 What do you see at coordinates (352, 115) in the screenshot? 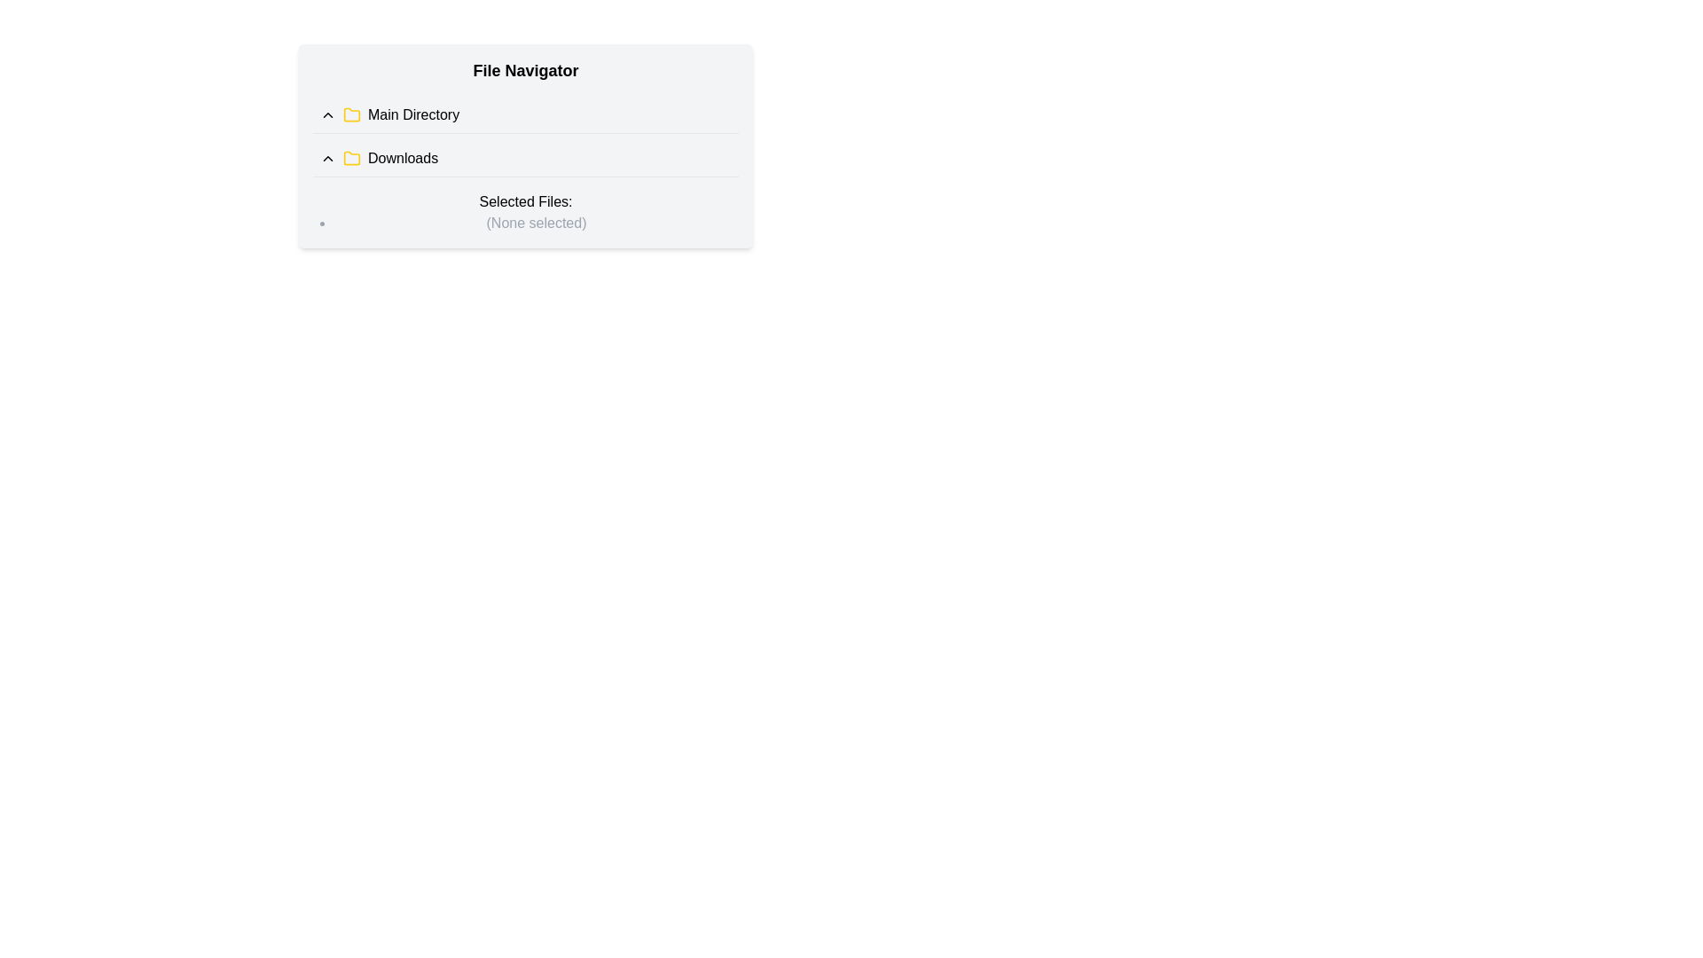
I see `the folder-shaped icon with a yellow outline located to the left of the 'Main Directory' text in the 'File Navigator' section` at bounding box center [352, 115].